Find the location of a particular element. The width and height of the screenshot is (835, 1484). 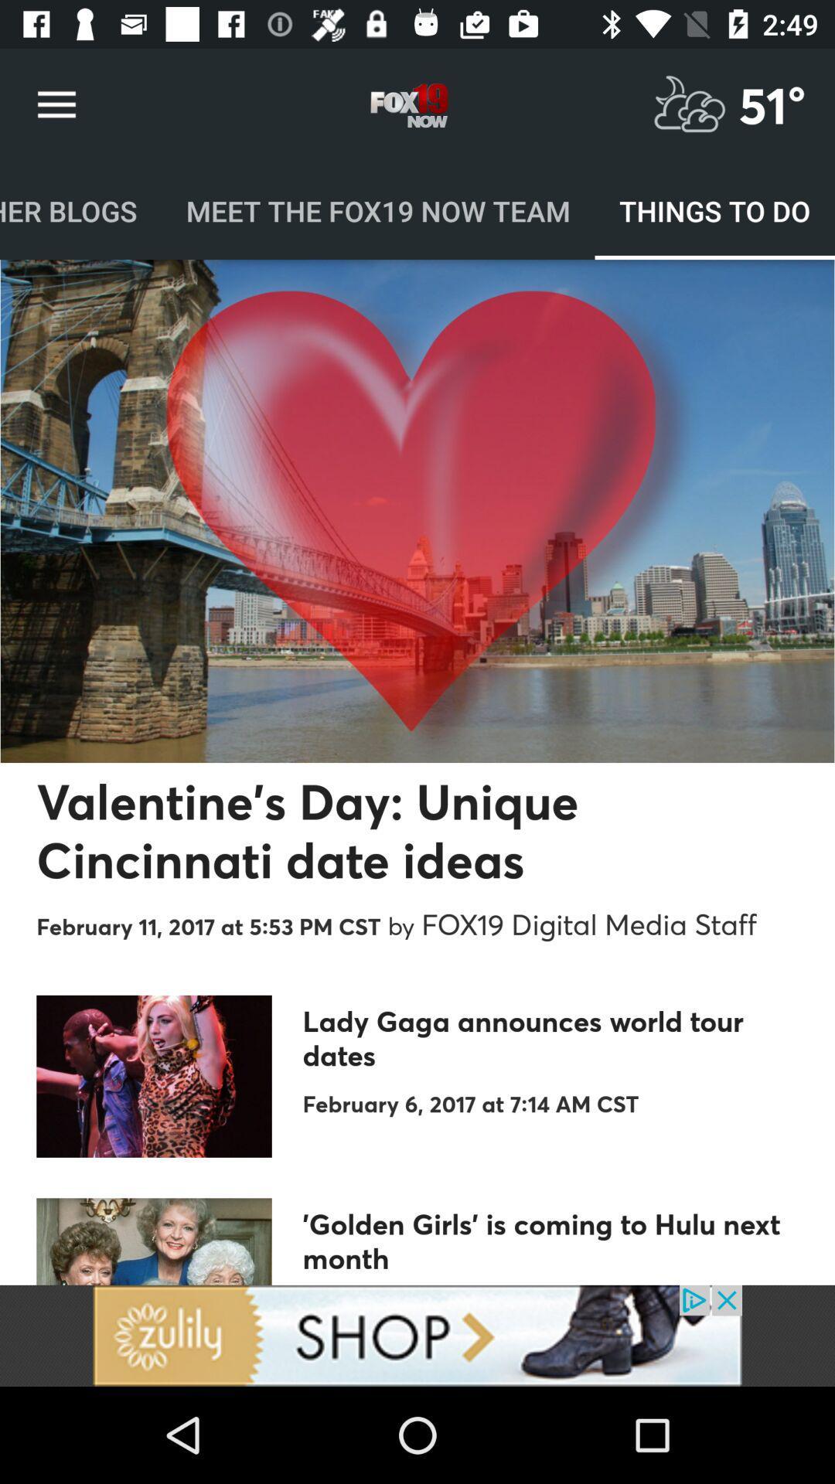

weather button is located at coordinates (689, 104).